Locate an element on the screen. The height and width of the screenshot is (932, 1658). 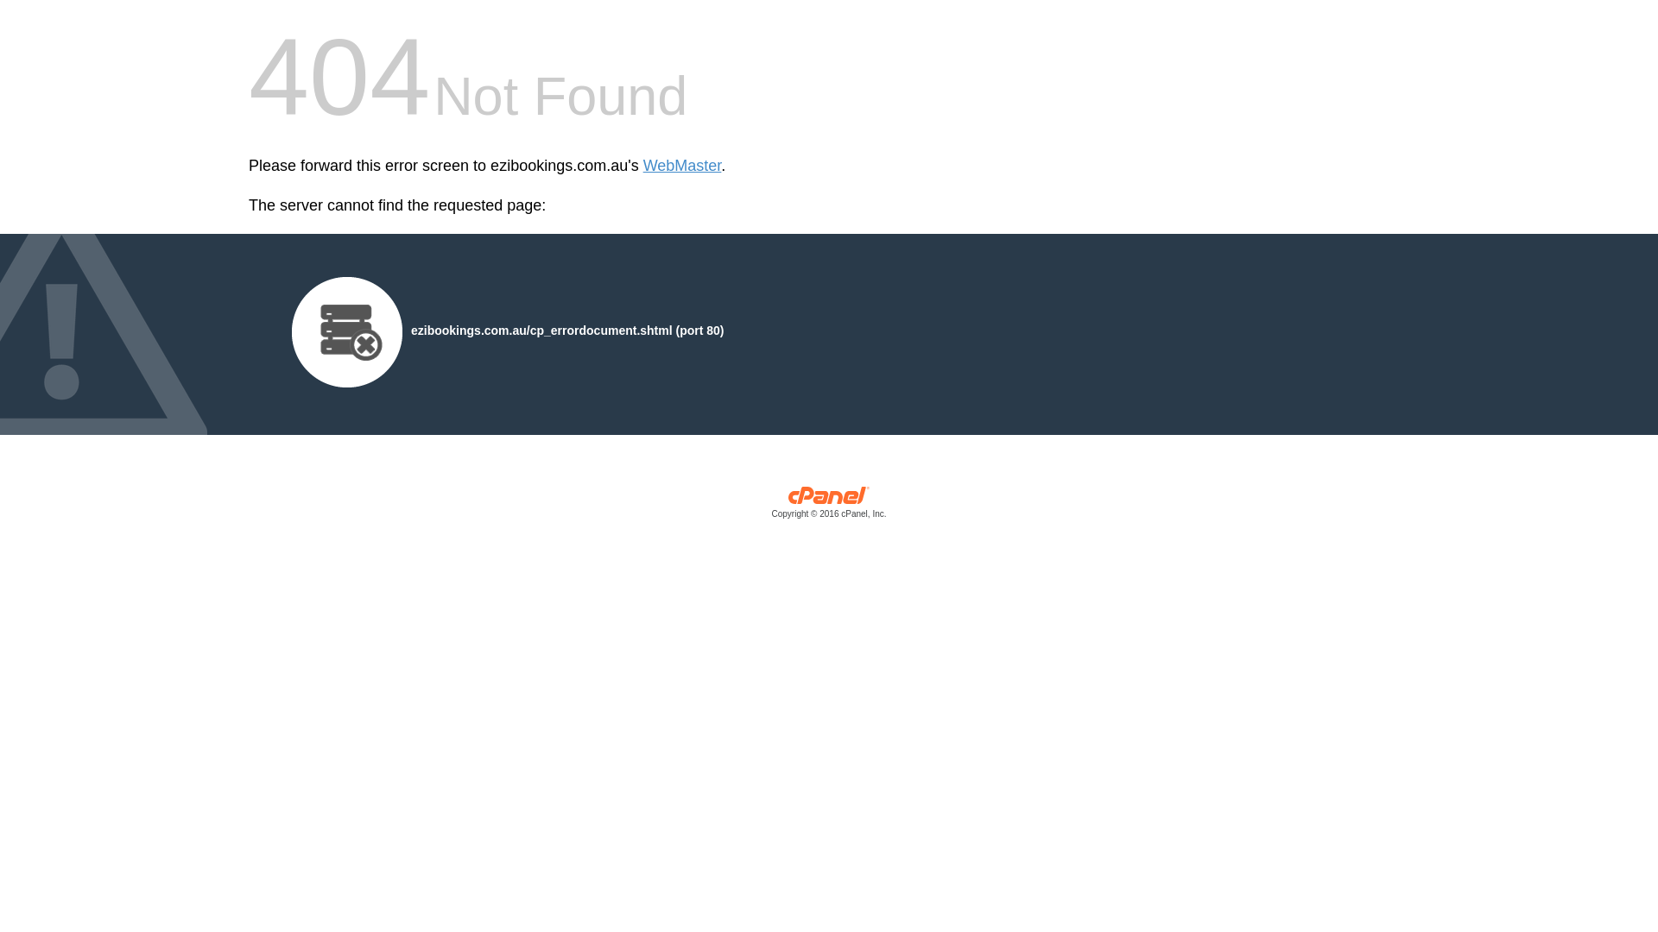
'WebMaster' is located at coordinates (681, 166).